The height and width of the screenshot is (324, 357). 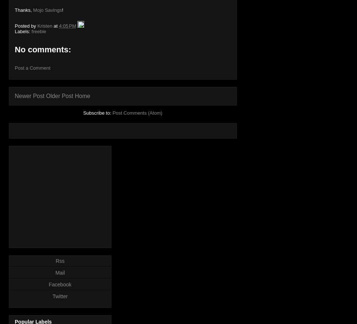 What do you see at coordinates (46, 10) in the screenshot?
I see `'Mojo Savings'` at bounding box center [46, 10].